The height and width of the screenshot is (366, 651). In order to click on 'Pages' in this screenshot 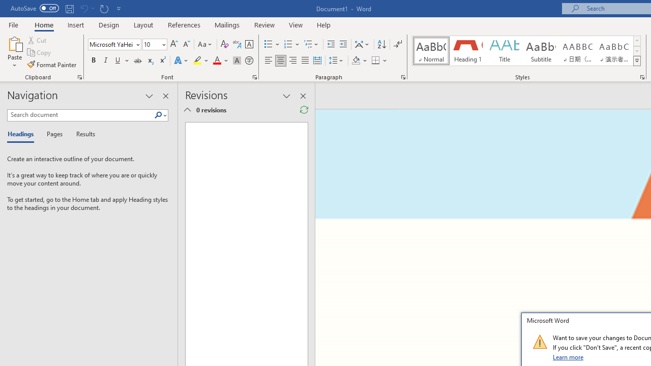, I will do `click(53, 134)`.